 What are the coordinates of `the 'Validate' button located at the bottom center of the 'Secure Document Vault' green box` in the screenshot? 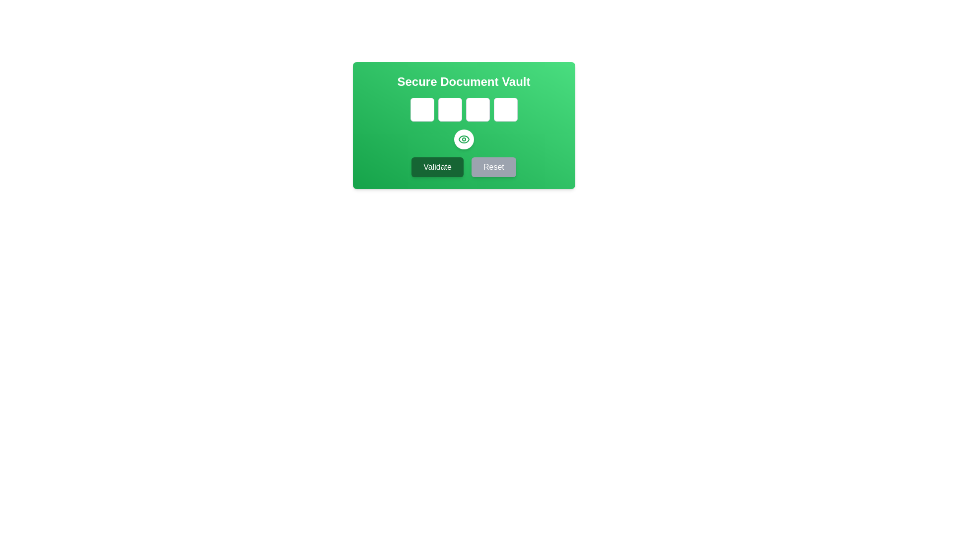 It's located at (437, 166).